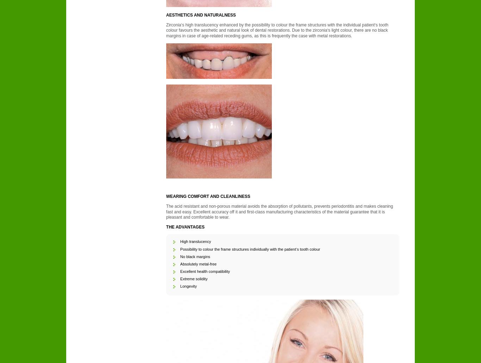 Image resolution: width=481 pixels, height=363 pixels. Describe the element at coordinates (200, 15) in the screenshot. I see `'AESTHETICS AND NATURALNESS'` at that location.